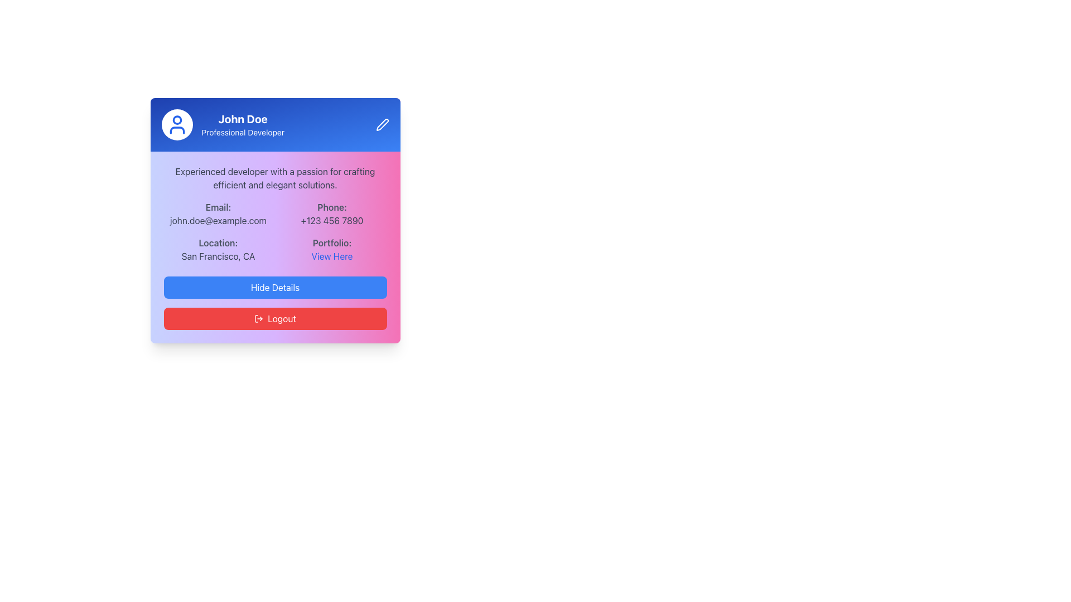 The image size is (1071, 602). Describe the element at coordinates (331, 207) in the screenshot. I see `the Text label indicating the phone number in the right column of the contact information layout` at that location.